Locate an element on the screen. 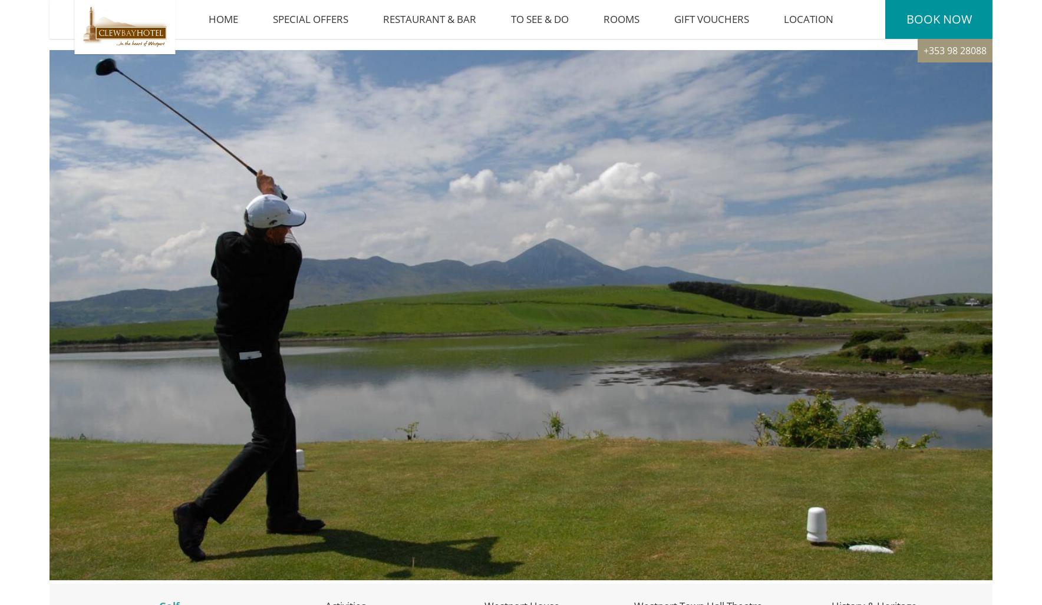 Image resolution: width=1042 pixels, height=605 pixels. 'Book' is located at coordinates (922, 25).